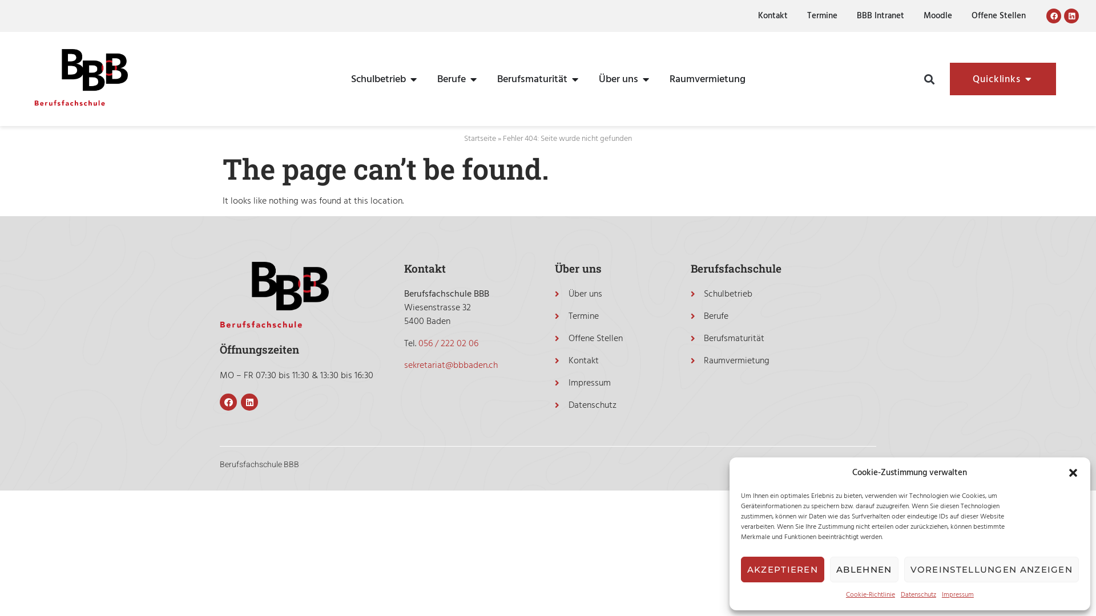 Image resolution: width=1096 pixels, height=616 pixels. Describe the element at coordinates (880, 15) in the screenshot. I see `'BBB Intranet'` at that location.